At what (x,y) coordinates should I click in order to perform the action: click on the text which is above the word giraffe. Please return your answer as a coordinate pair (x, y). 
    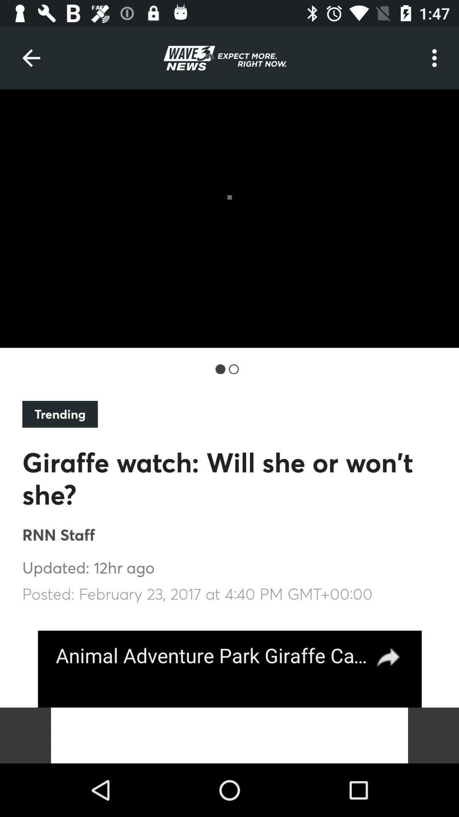
    Looking at the image, I should click on (59, 414).